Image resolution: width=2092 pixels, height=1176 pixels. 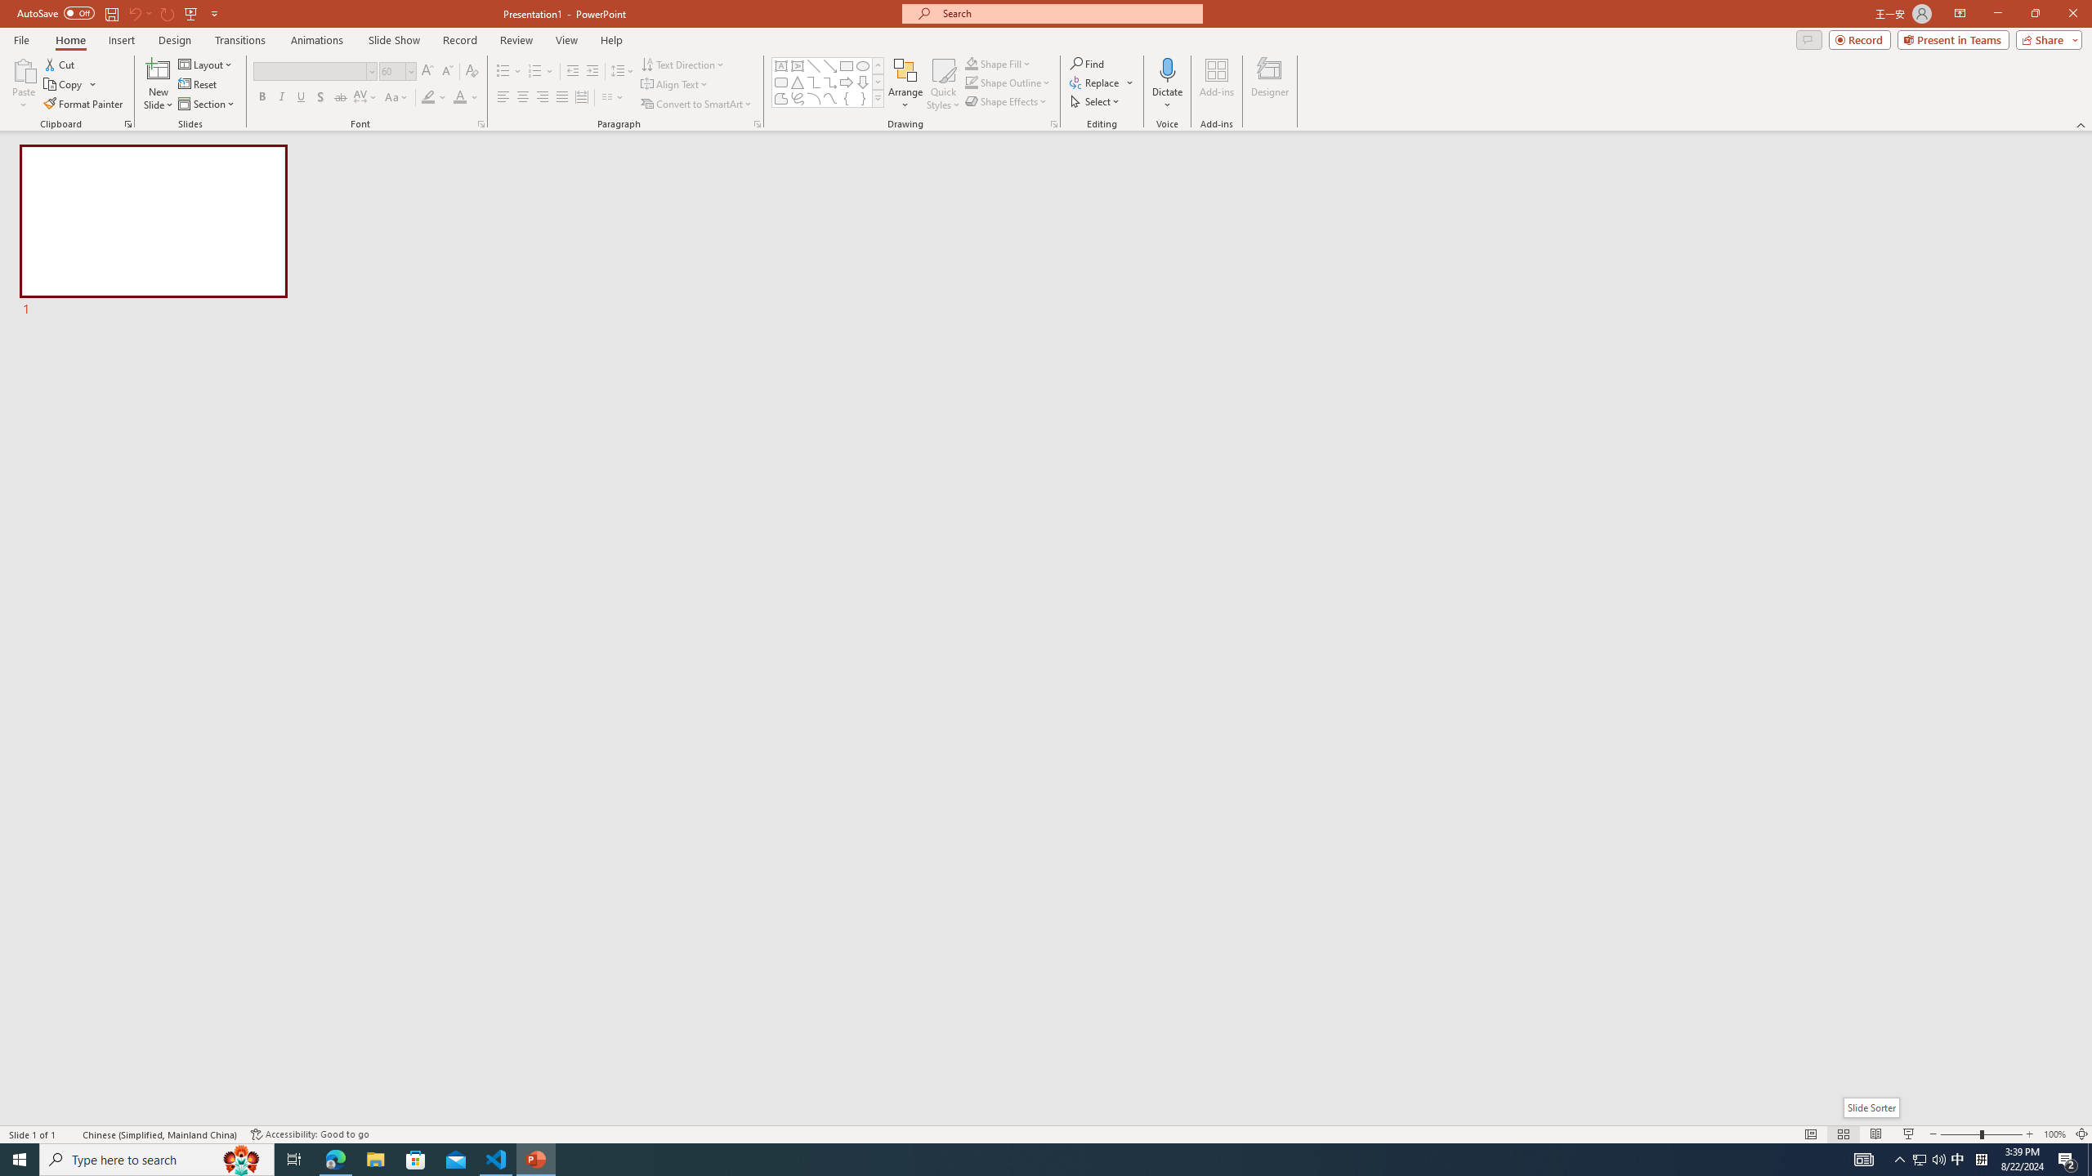 I want to click on 'Oval', so click(x=862, y=65).